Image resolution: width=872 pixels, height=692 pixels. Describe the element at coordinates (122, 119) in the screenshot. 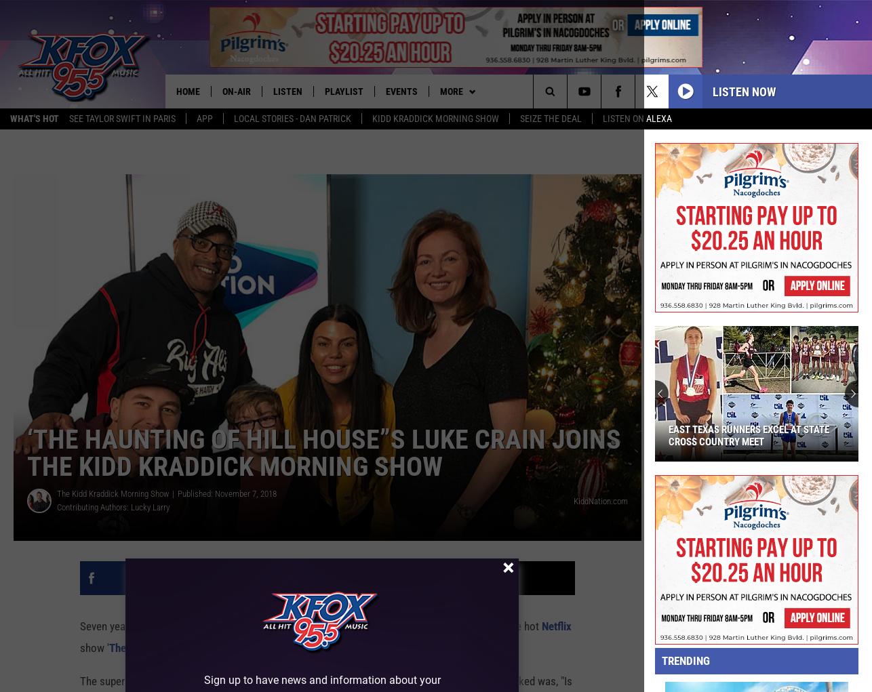

I see `'See Taylor Swift in Paris'` at that location.